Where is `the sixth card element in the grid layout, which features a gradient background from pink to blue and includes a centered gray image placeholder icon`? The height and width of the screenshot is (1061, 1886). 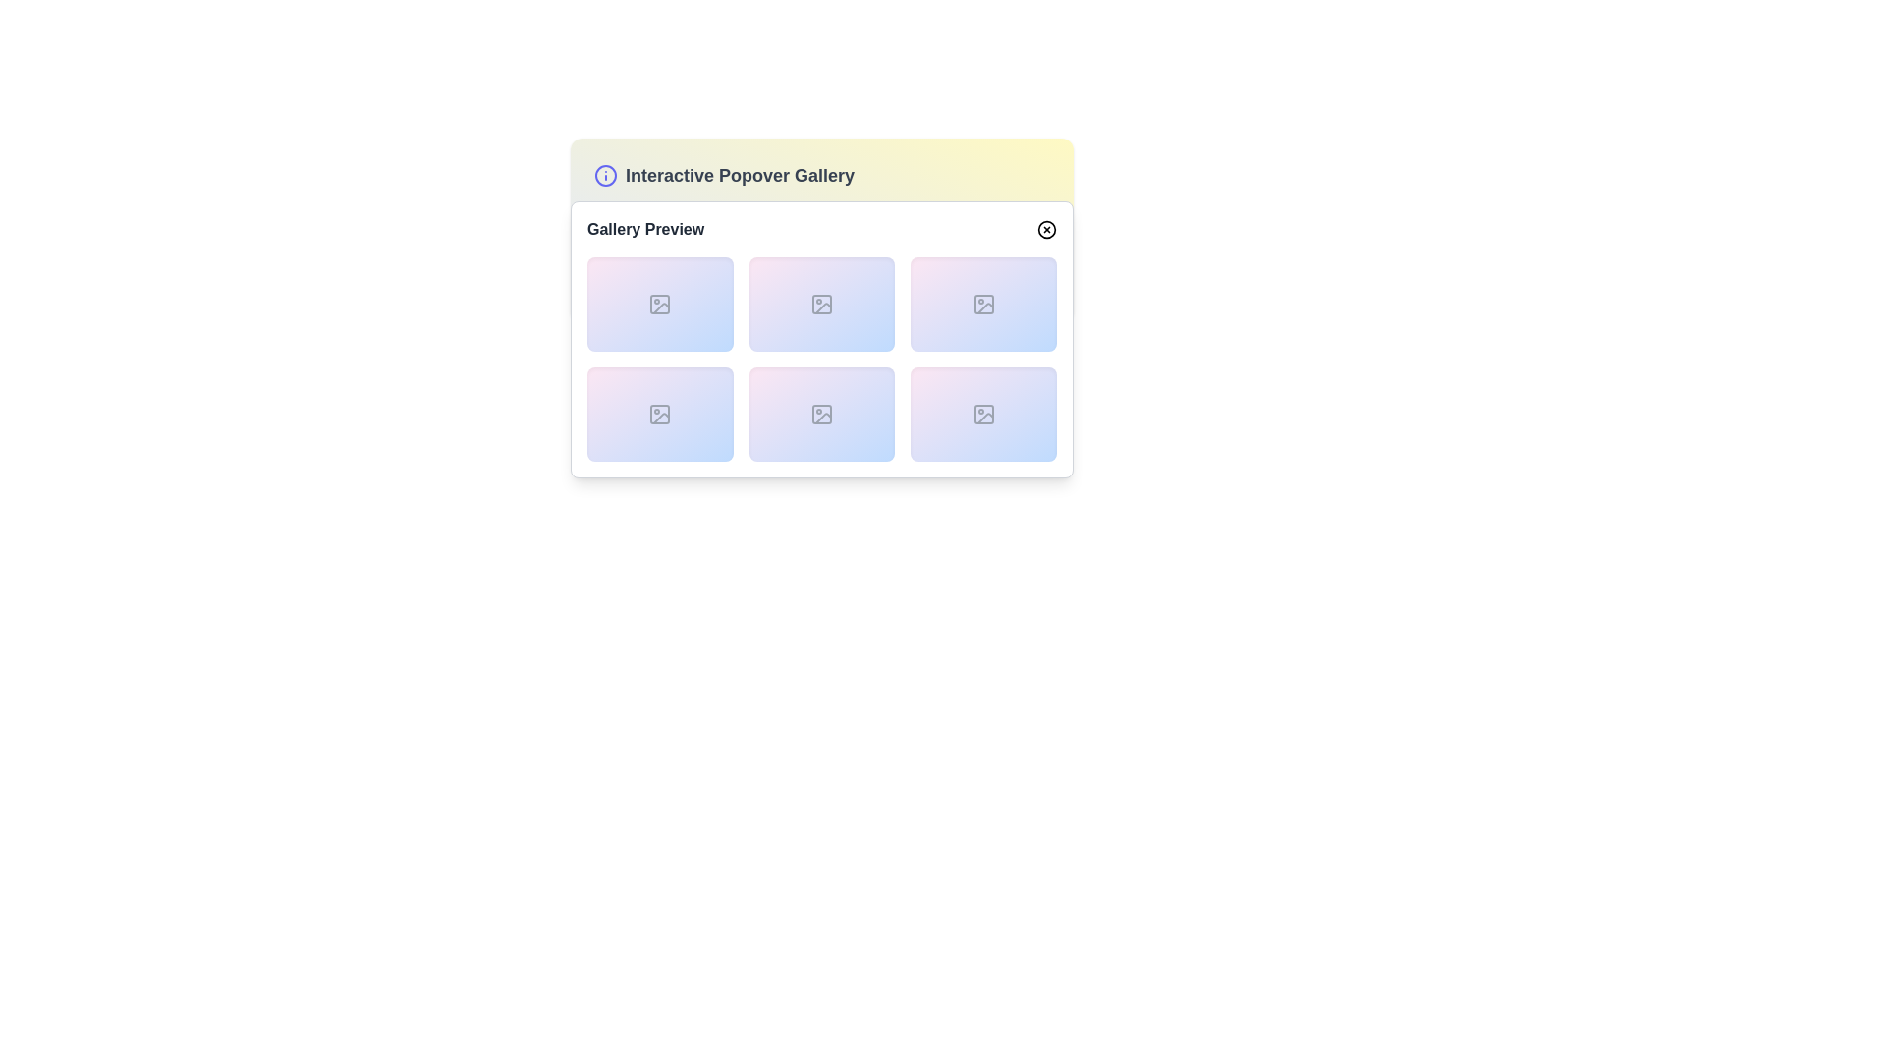 the sixth card element in the grid layout, which features a gradient background from pink to blue and includes a centered gray image placeholder icon is located at coordinates (983, 413).